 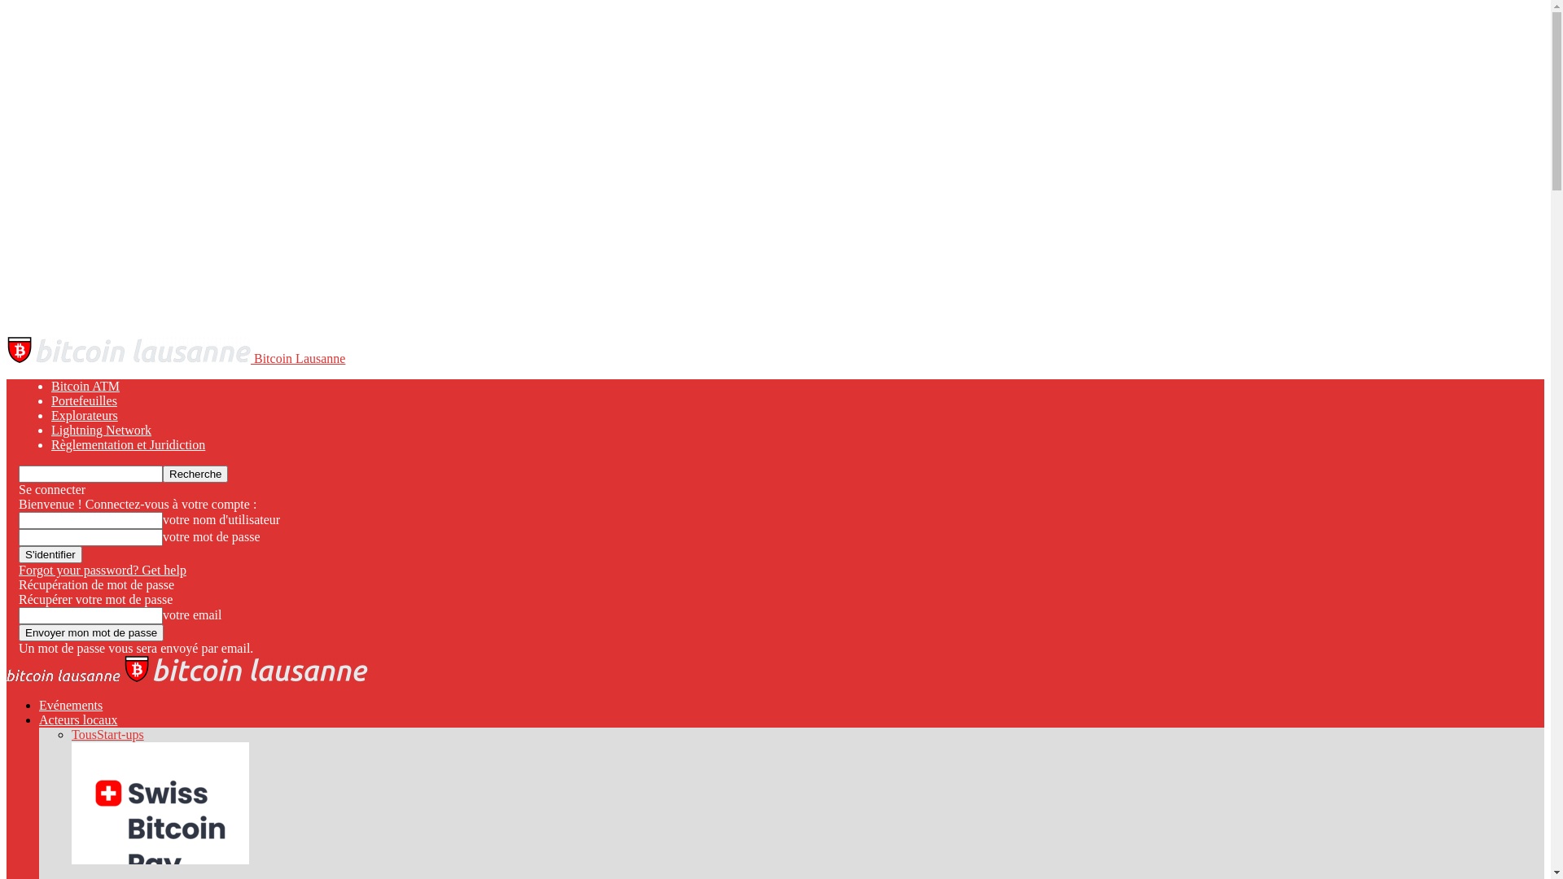 What do you see at coordinates (160, 802) in the screenshot?
I see `'Swiss Bitcoin Pay'` at bounding box center [160, 802].